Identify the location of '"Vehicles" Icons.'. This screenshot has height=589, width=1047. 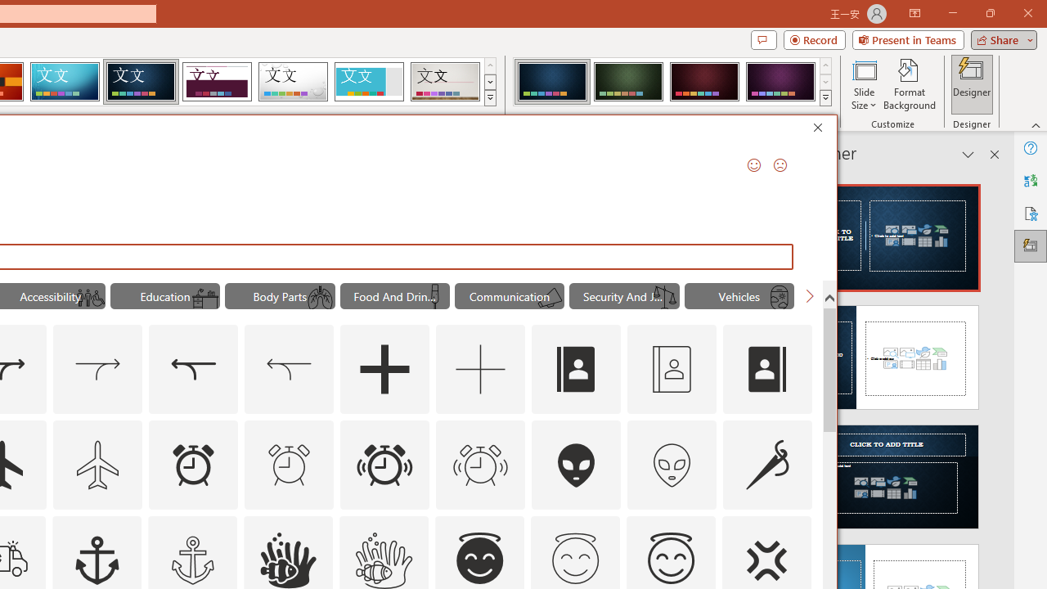
(739, 296).